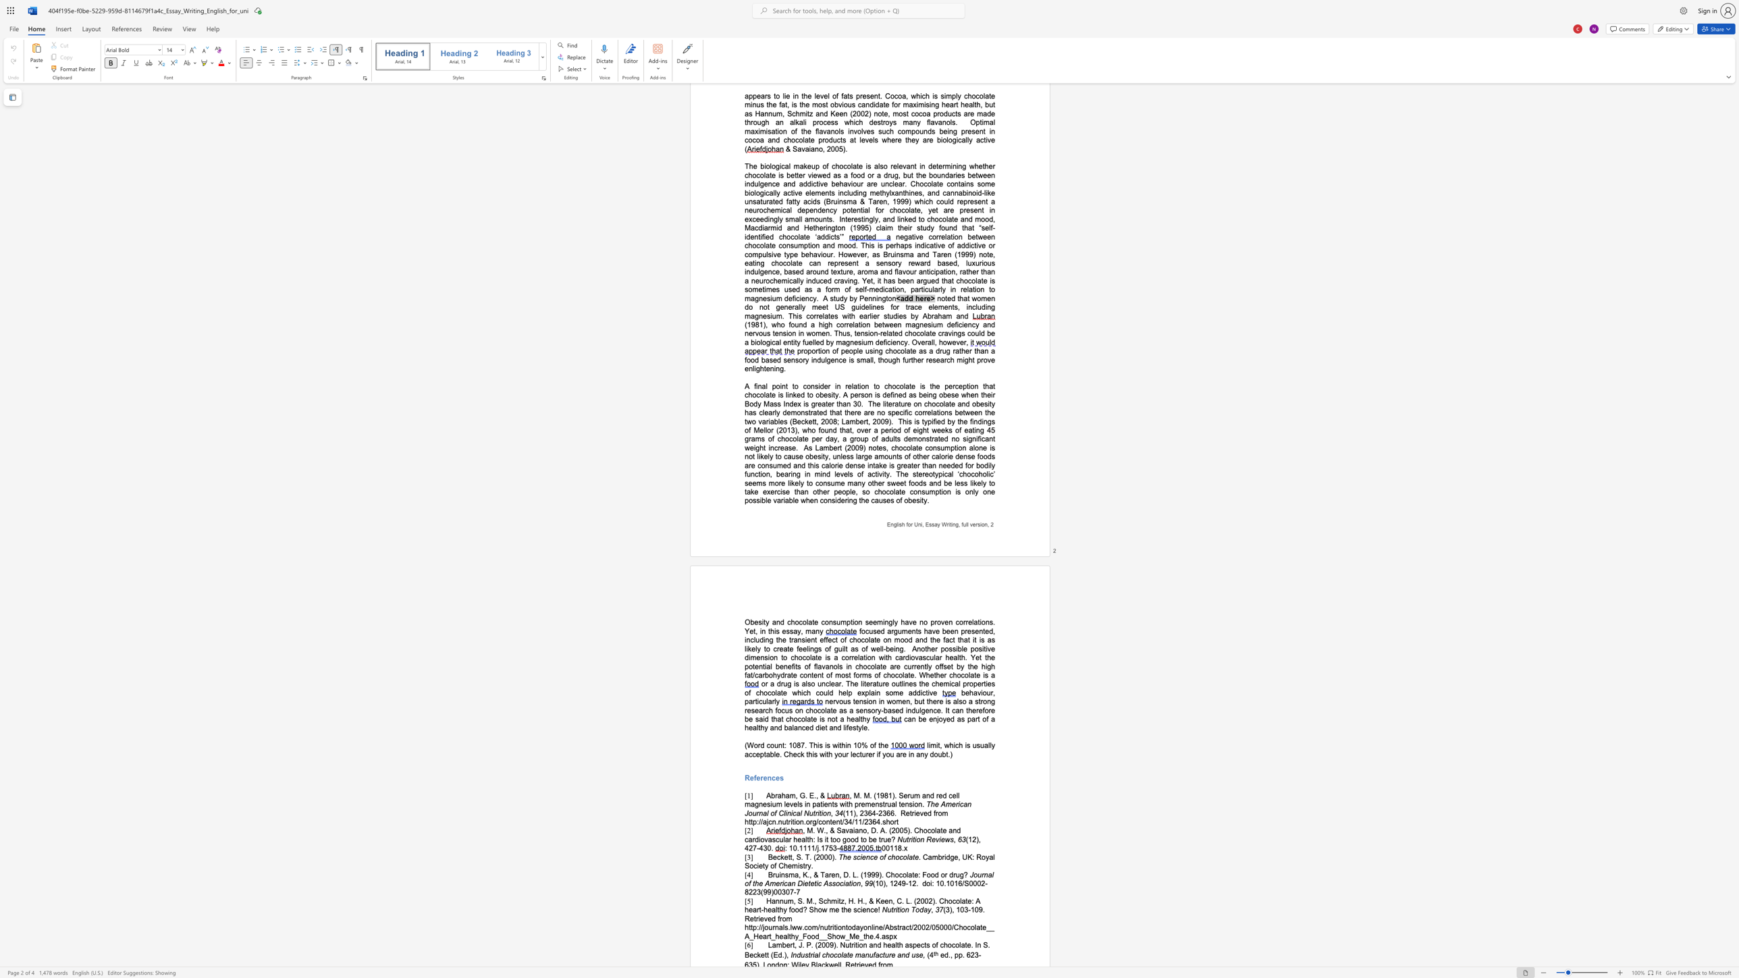  Describe the element at coordinates (875, 884) in the screenshot. I see `the subset text "10), 1249" within the text "(10), 1249-12."` at that location.